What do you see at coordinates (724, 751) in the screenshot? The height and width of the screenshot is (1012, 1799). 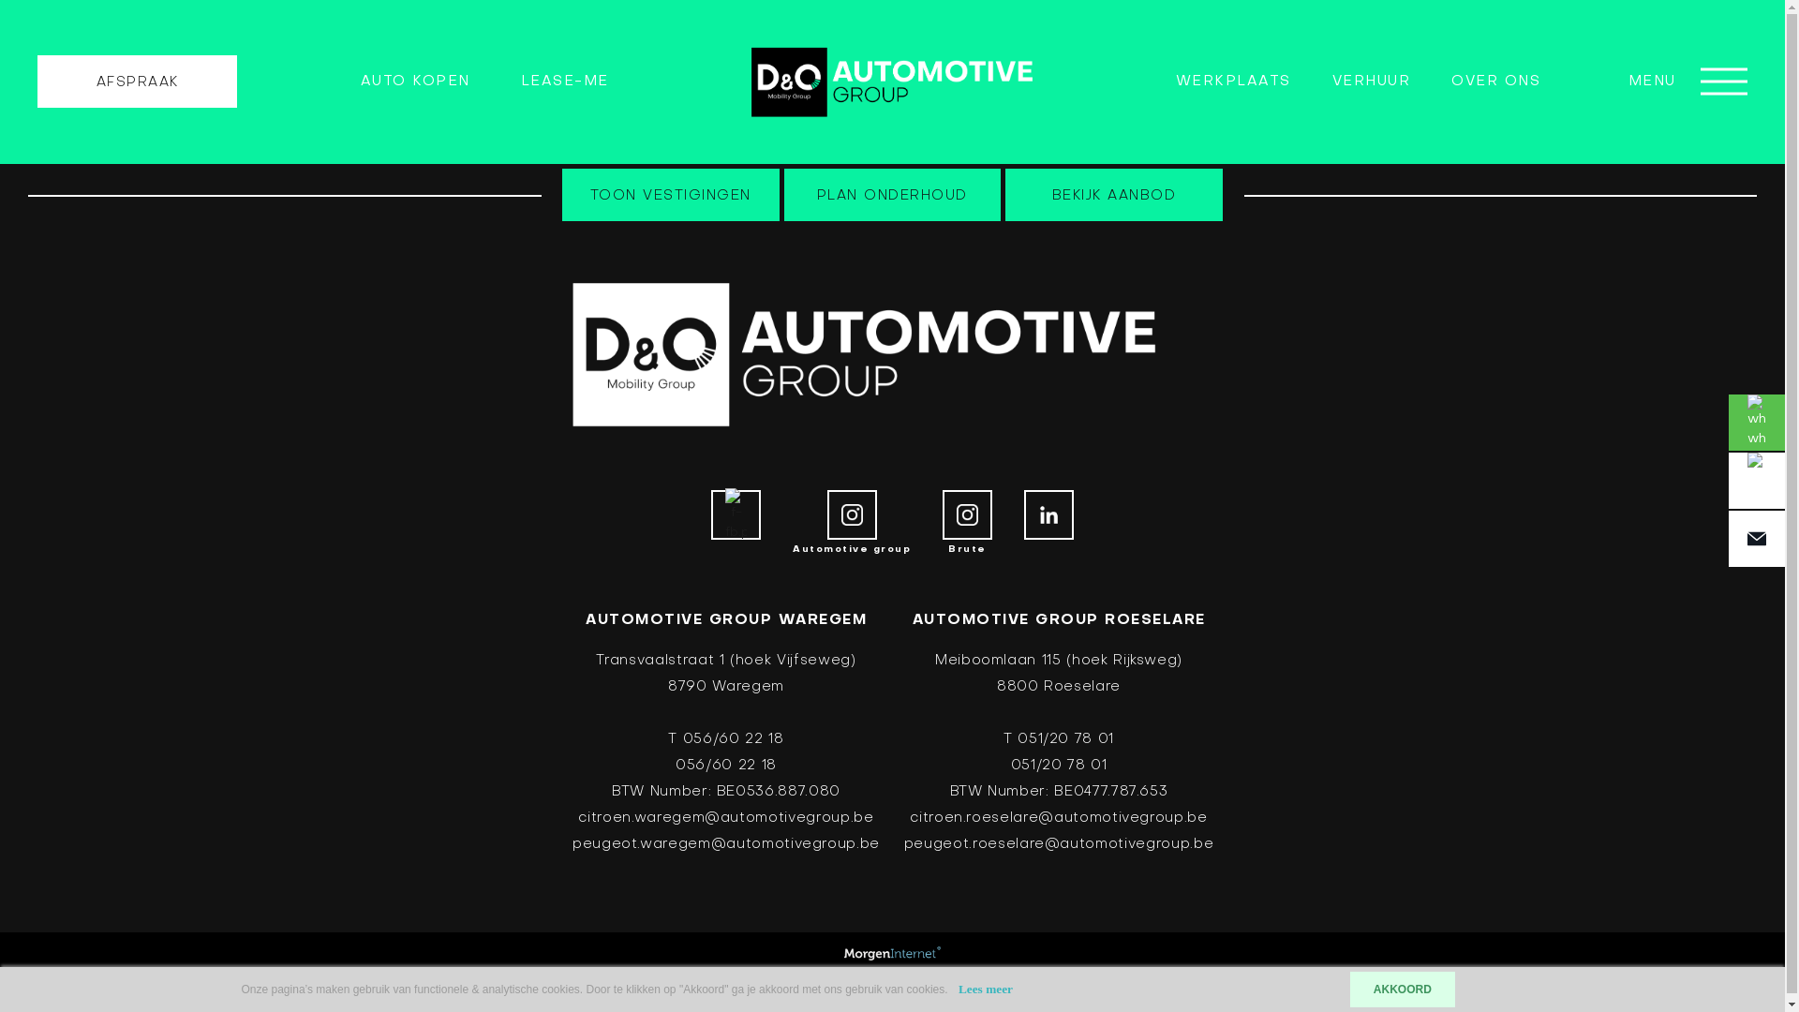 I see `'T 056/60 22 18` at bounding box center [724, 751].